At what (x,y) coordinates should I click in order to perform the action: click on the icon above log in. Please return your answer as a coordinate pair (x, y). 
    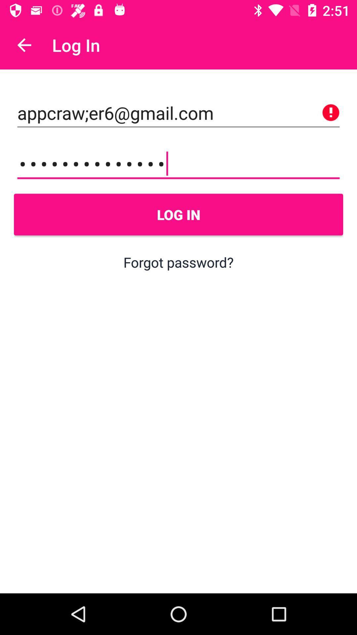
    Looking at the image, I should click on (178, 164).